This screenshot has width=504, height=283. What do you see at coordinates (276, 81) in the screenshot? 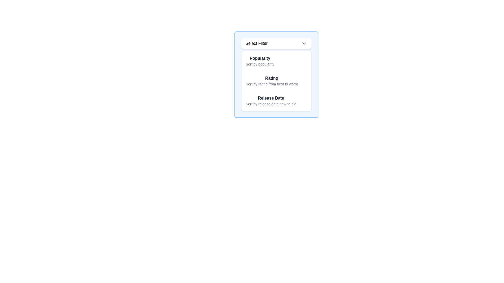
I see `the 'Rating' option in the dropdown menu` at bounding box center [276, 81].